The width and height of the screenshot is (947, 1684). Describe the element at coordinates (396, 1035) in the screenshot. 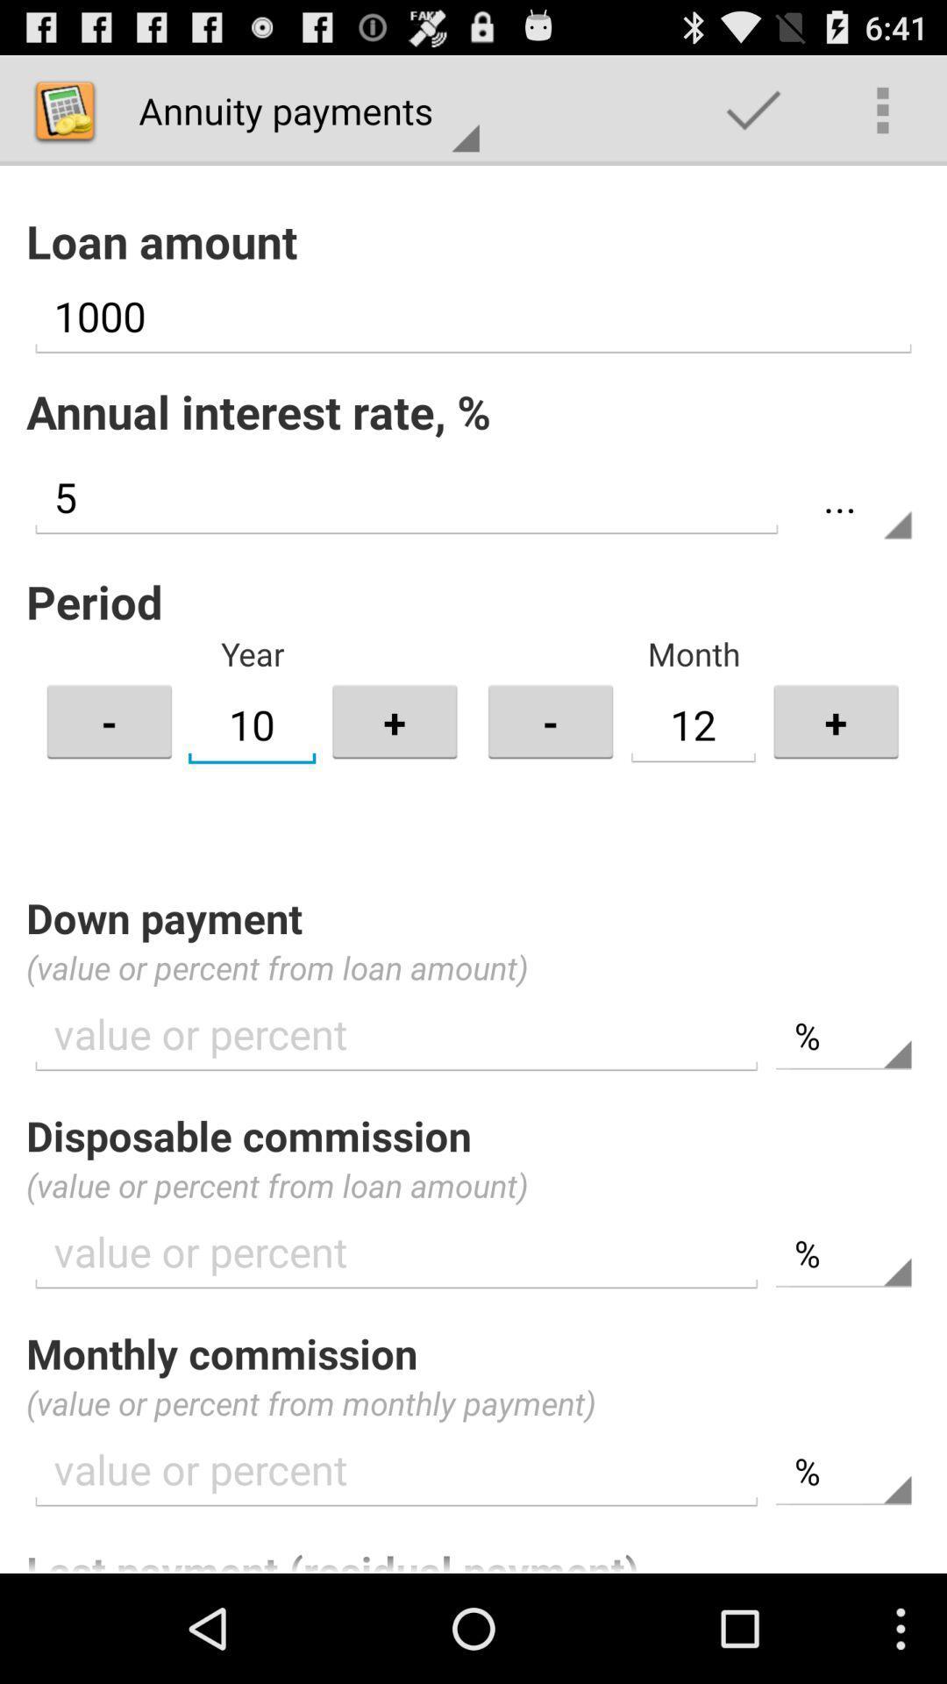

I see `the text field in down payment` at that location.